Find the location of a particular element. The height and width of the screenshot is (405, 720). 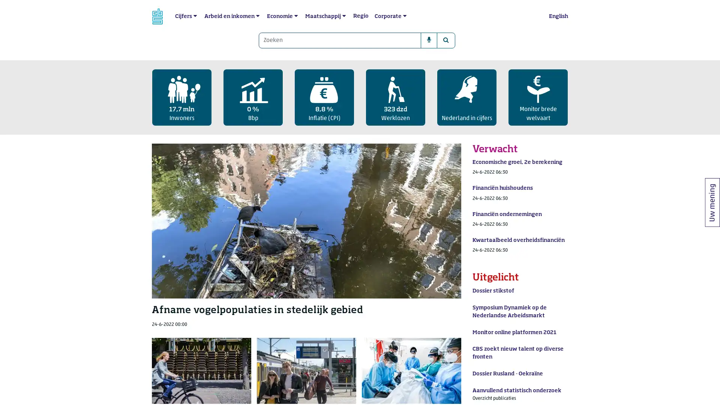

submenu Cijfers is located at coordinates (195, 16).